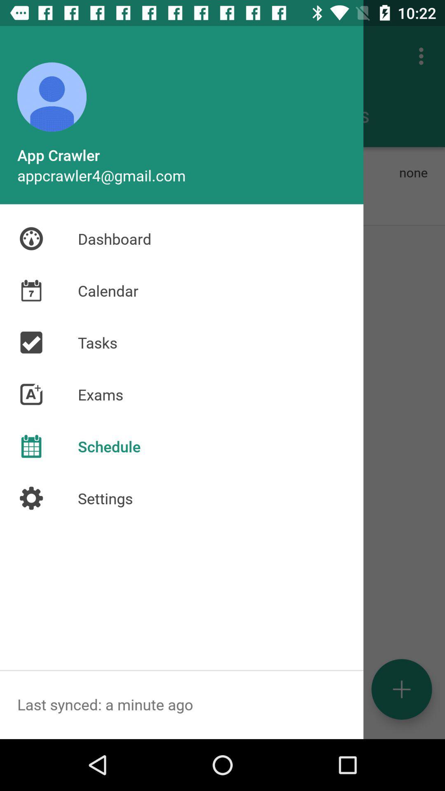 The height and width of the screenshot is (791, 445). I want to click on the add icon, so click(401, 689).